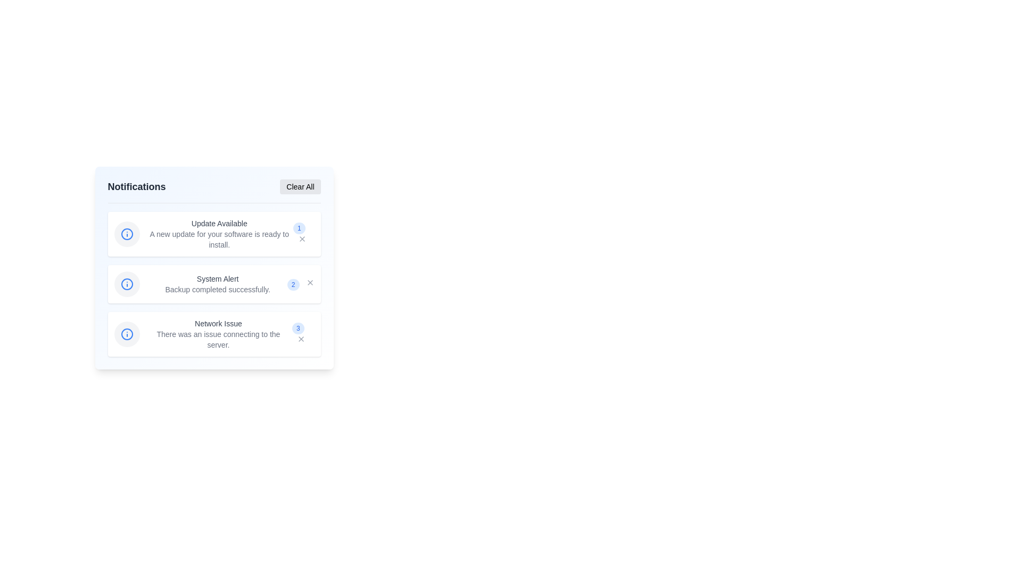 The image size is (1022, 575). What do you see at coordinates (293, 284) in the screenshot?
I see `the badge indicating the priority or count next to the 'System Alert: Backup completed successfully.' label in the second row of the notification list` at bounding box center [293, 284].